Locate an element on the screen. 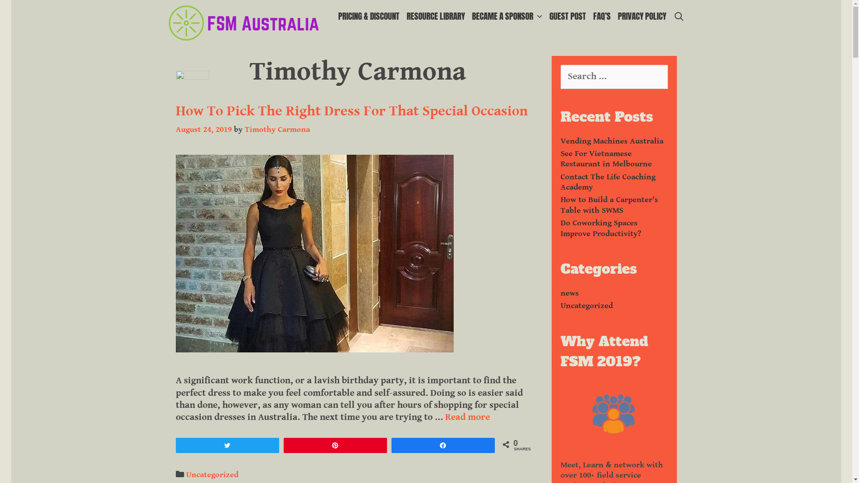  'news' is located at coordinates (569, 293).